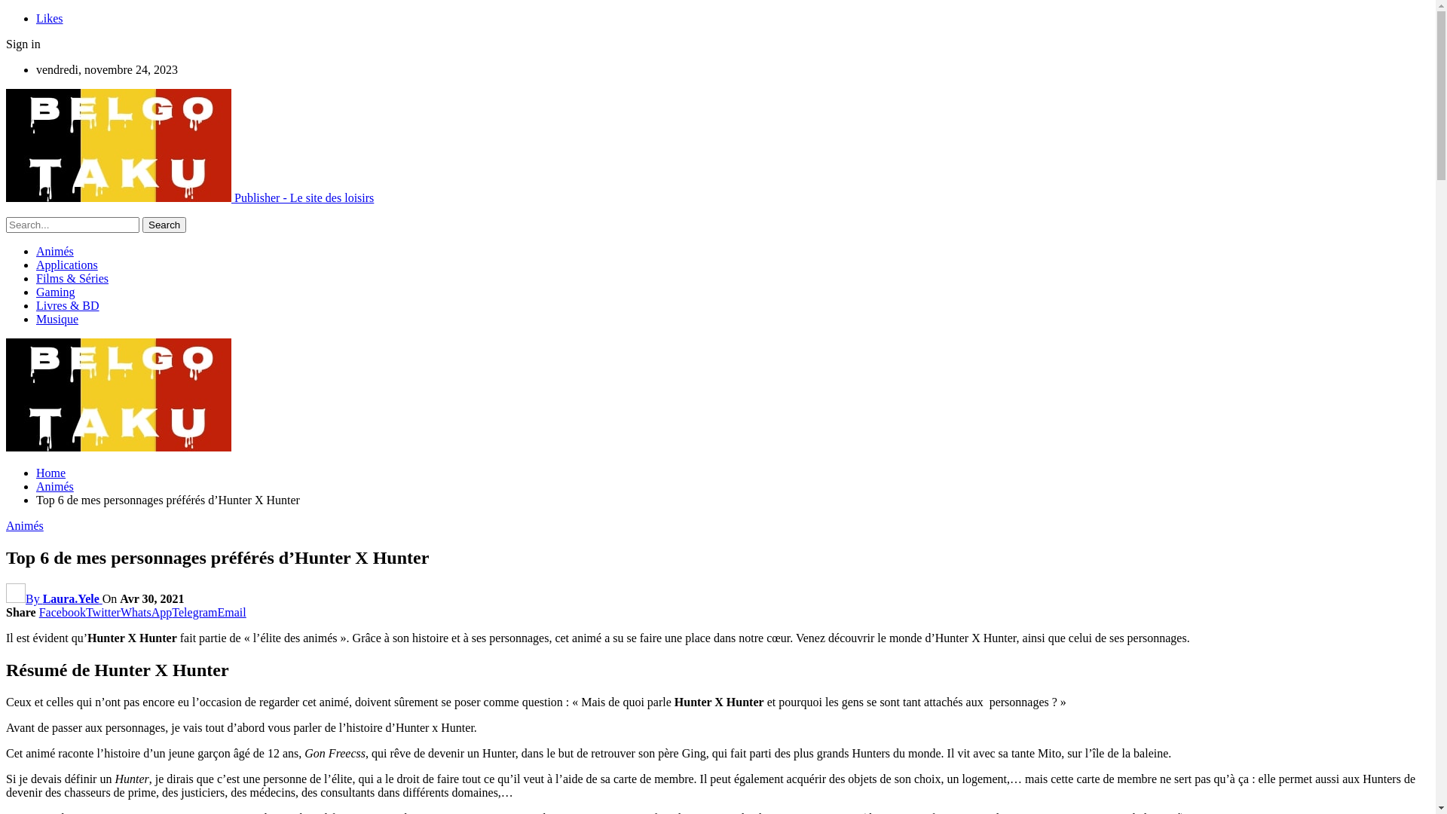  Describe the element at coordinates (55, 292) in the screenshot. I see `'Gaming'` at that location.